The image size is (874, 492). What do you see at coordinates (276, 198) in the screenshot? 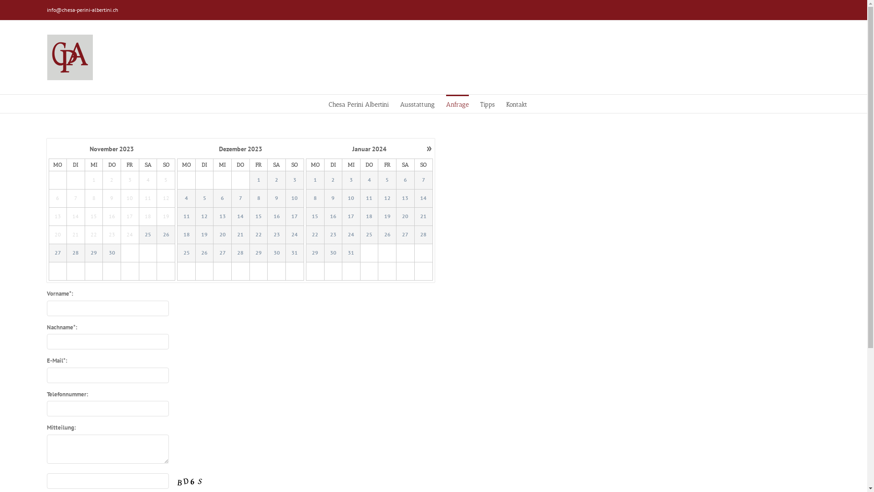
I see `'9'` at bounding box center [276, 198].